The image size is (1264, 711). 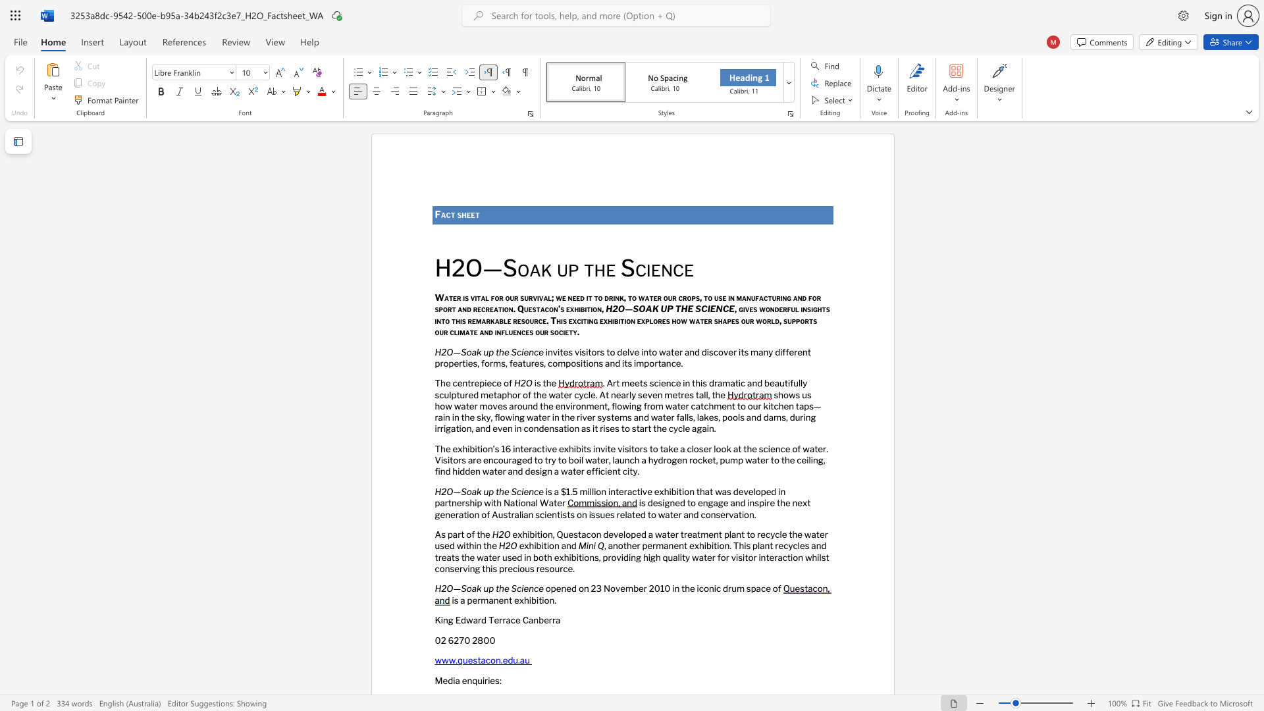 I want to click on the space between the continuous character "H" and "2" in the text, so click(x=440, y=588).